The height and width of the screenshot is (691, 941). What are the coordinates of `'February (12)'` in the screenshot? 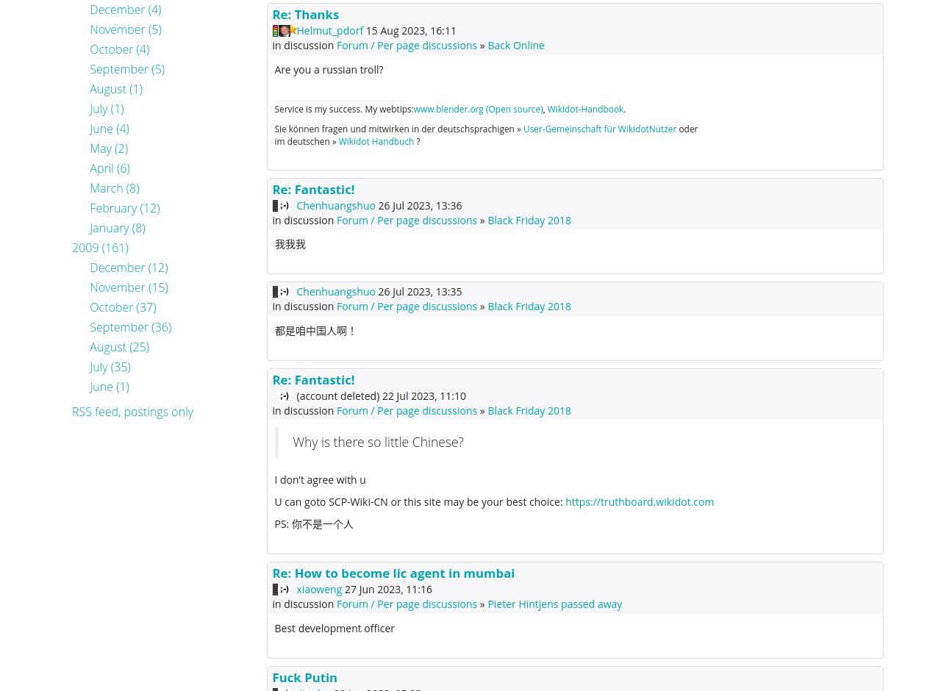 It's located at (124, 207).